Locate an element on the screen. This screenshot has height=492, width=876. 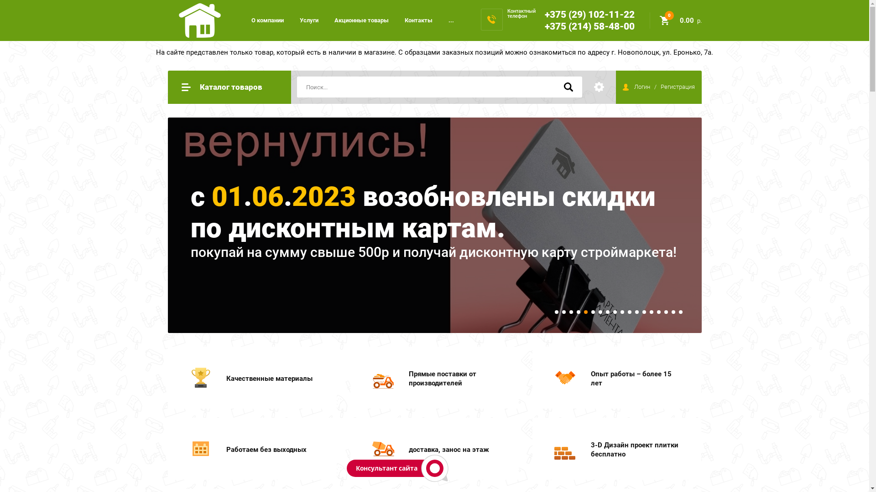
'+375 (214) 58-48-00' is located at coordinates (589, 26).